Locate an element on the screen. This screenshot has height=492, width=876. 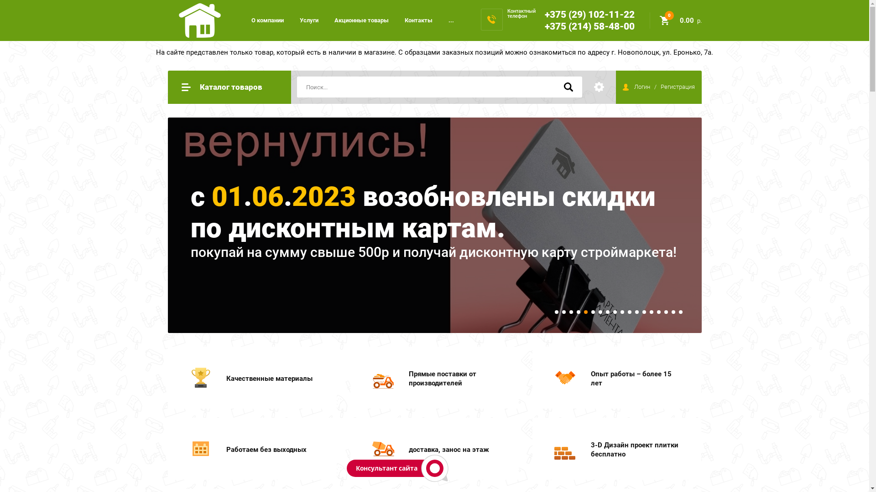
'+375 (214) 58-48-00' is located at coordinates (589, 26).